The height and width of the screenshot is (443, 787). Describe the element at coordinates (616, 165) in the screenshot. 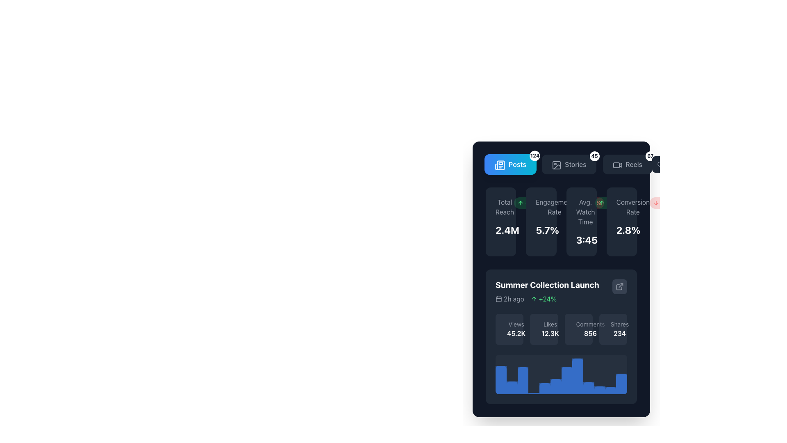

I see `the decorative video icon located in the top right section of the interface` at that location.